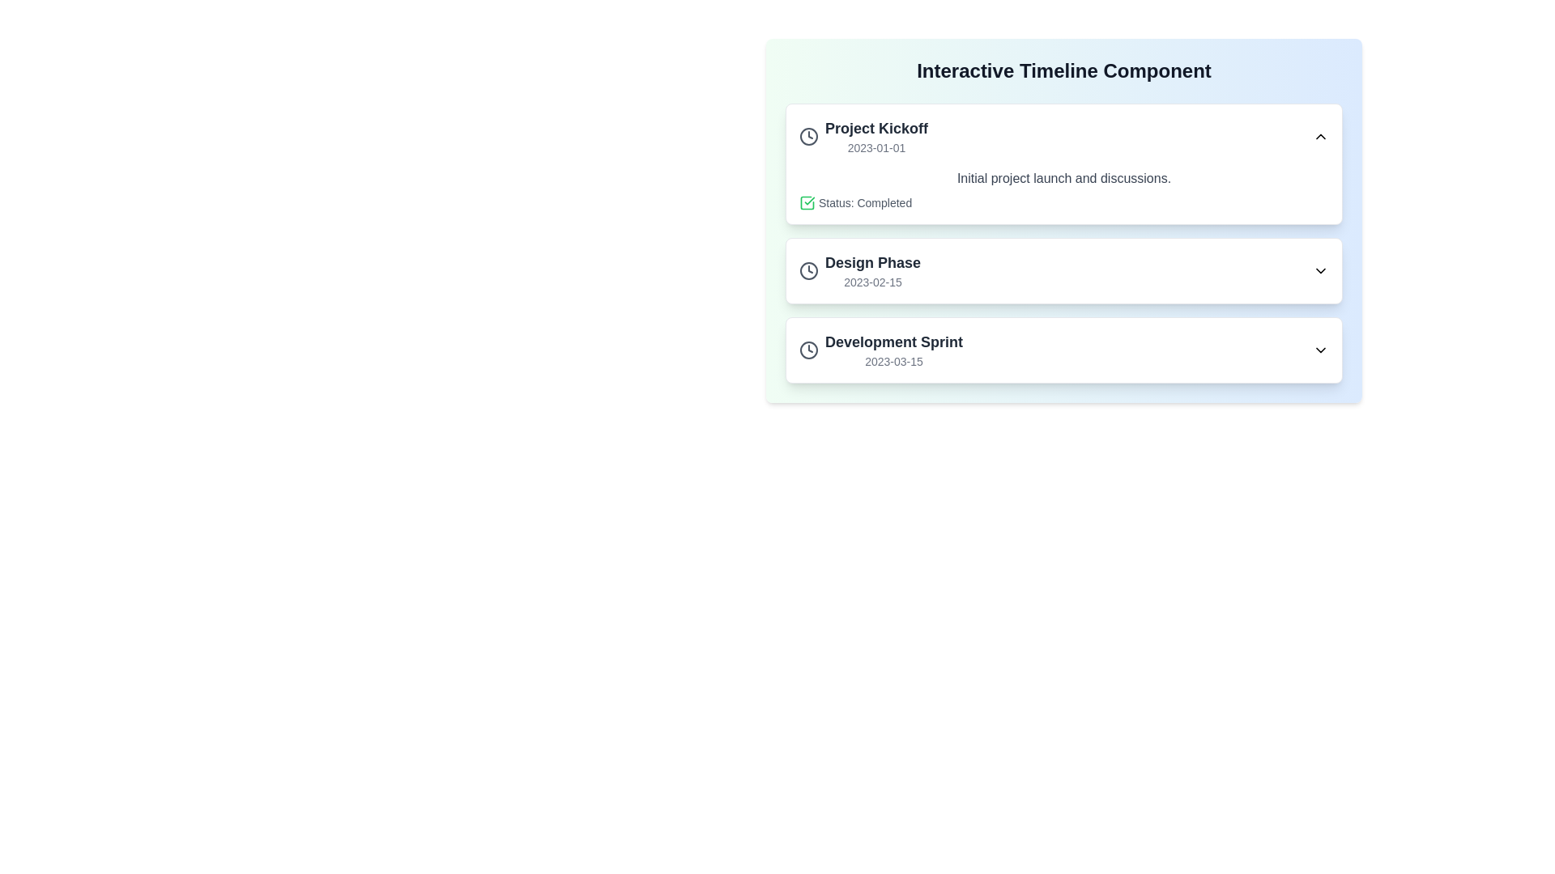 The width and height of the screenshot is (1555, 874). I want to click on the time icon associated with the 'Project Kickoff' event, positioned to the left of the title in the timeline component, so click(808, 136).